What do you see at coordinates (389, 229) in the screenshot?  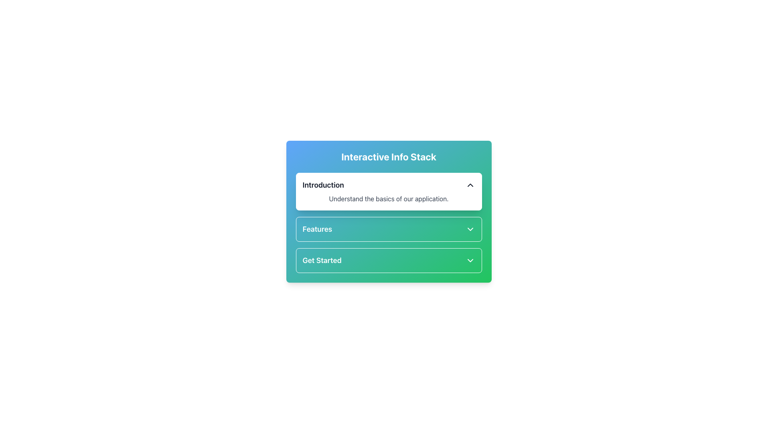 I see `the 'Features' dropdown menu` at bounding box center [389, 229].